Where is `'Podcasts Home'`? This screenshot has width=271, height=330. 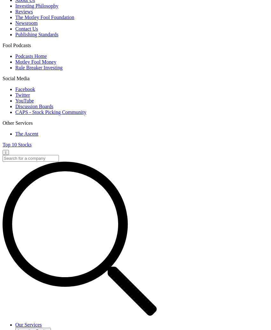 'Podcasts Home' is located at coordinates (31, 56).